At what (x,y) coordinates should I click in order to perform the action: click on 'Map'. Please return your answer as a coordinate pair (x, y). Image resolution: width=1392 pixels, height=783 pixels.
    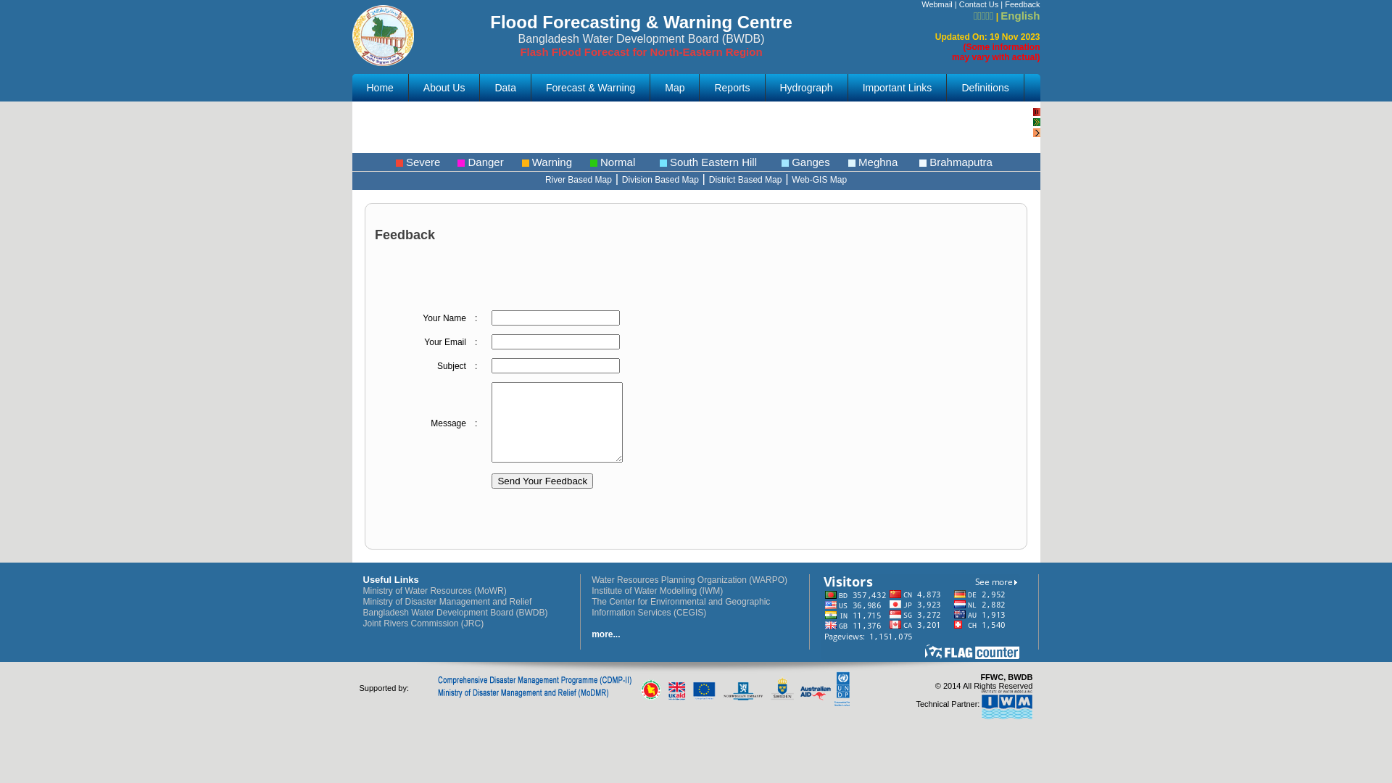
    Looking at the image, I should click on (674, 87).